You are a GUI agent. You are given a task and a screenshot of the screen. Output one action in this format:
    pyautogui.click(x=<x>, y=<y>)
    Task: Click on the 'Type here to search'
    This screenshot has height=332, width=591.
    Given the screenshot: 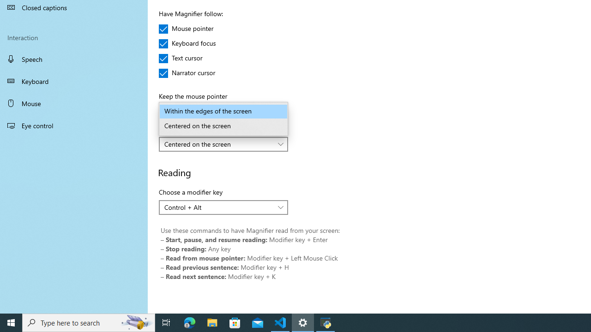 What is the action you would take?
    pyautogui.click(x=89, y=322)
    